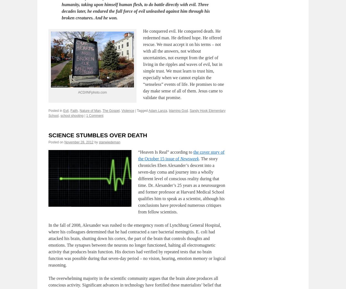 The image size is (346, 289). I want to click on 'Newsweek', so click(189, 185).